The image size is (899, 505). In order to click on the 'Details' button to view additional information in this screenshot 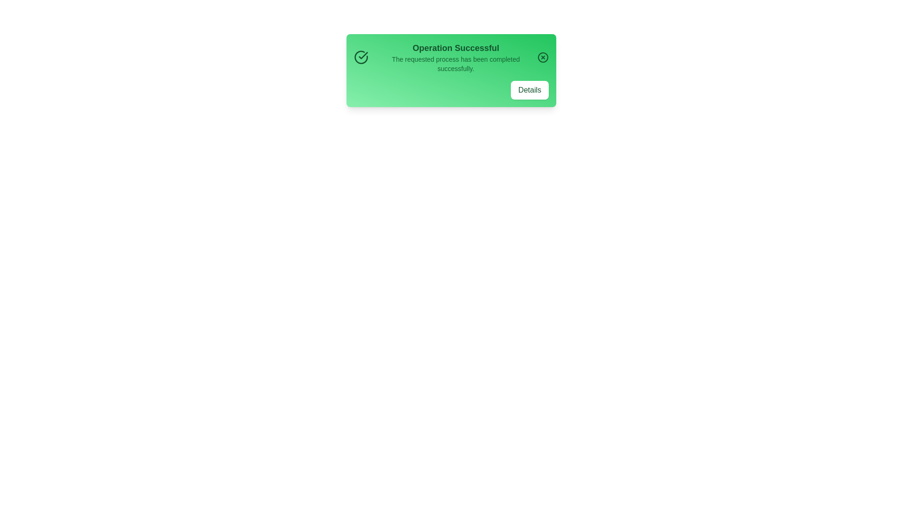, I will do `click(530, 90)`.